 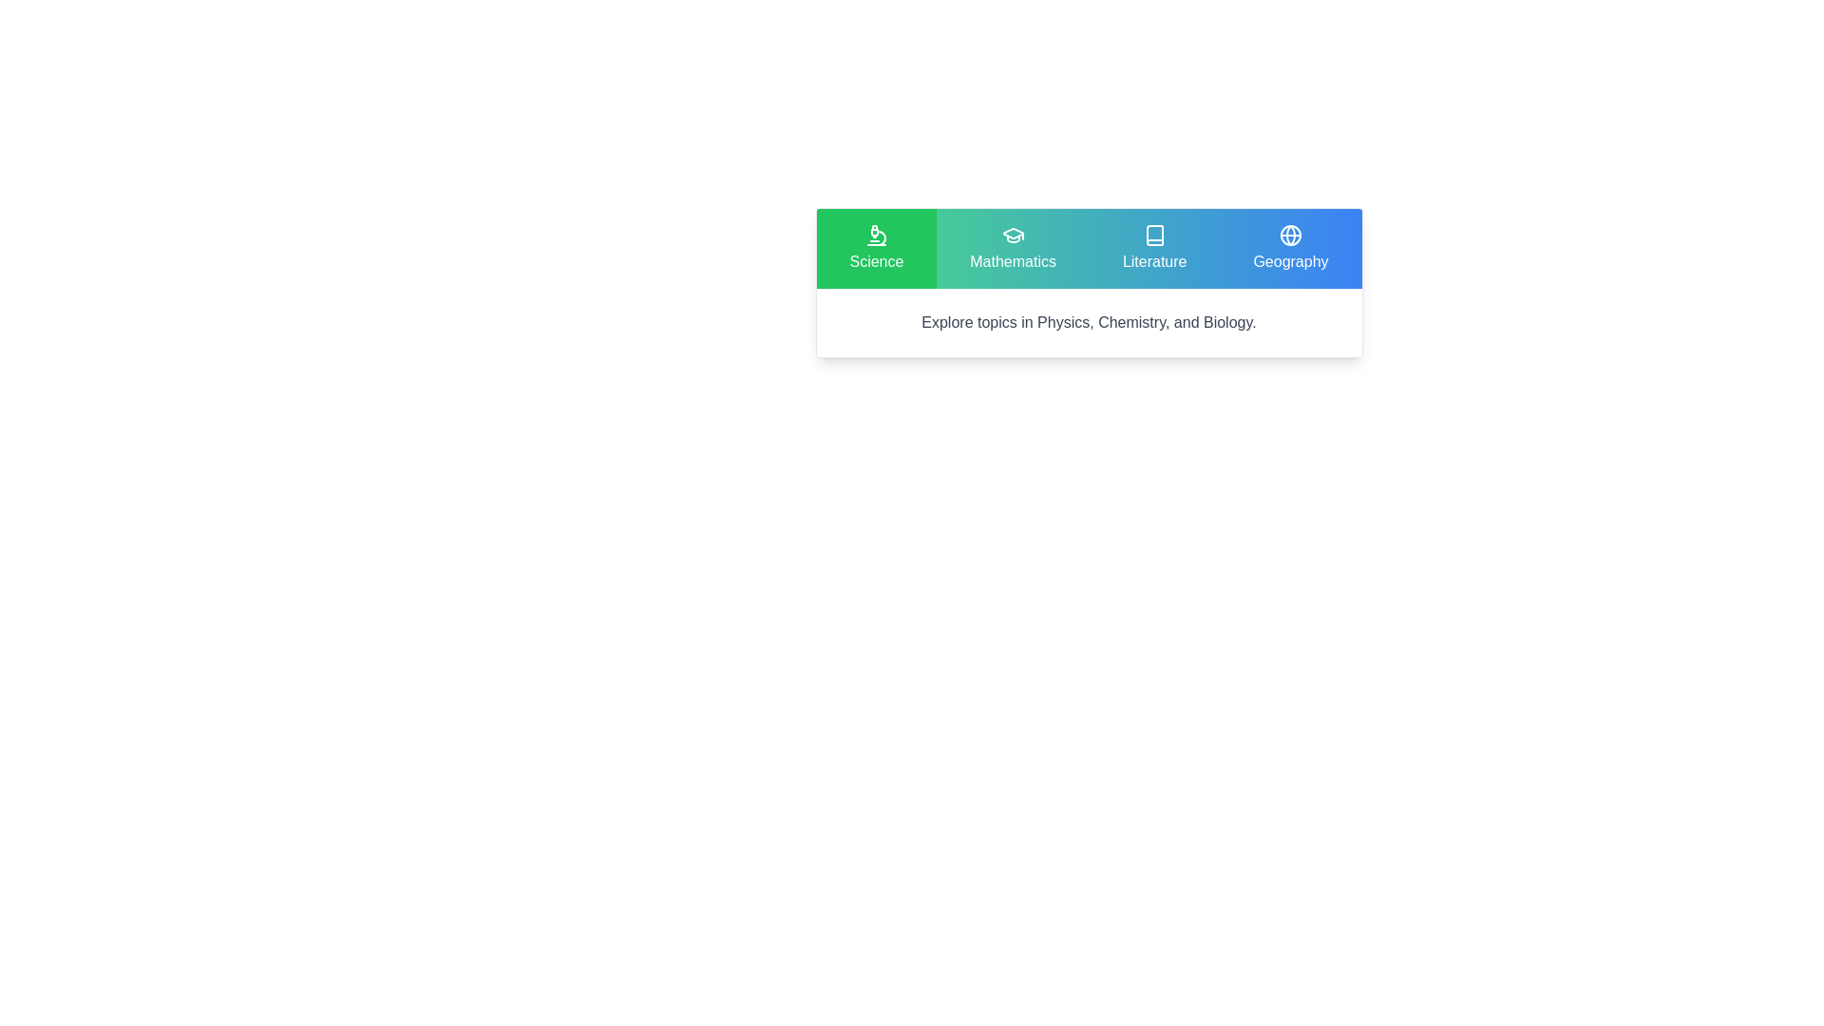 I want to click on the Geography button located in the upper-right of the interface, so click(x=1290, y=248).